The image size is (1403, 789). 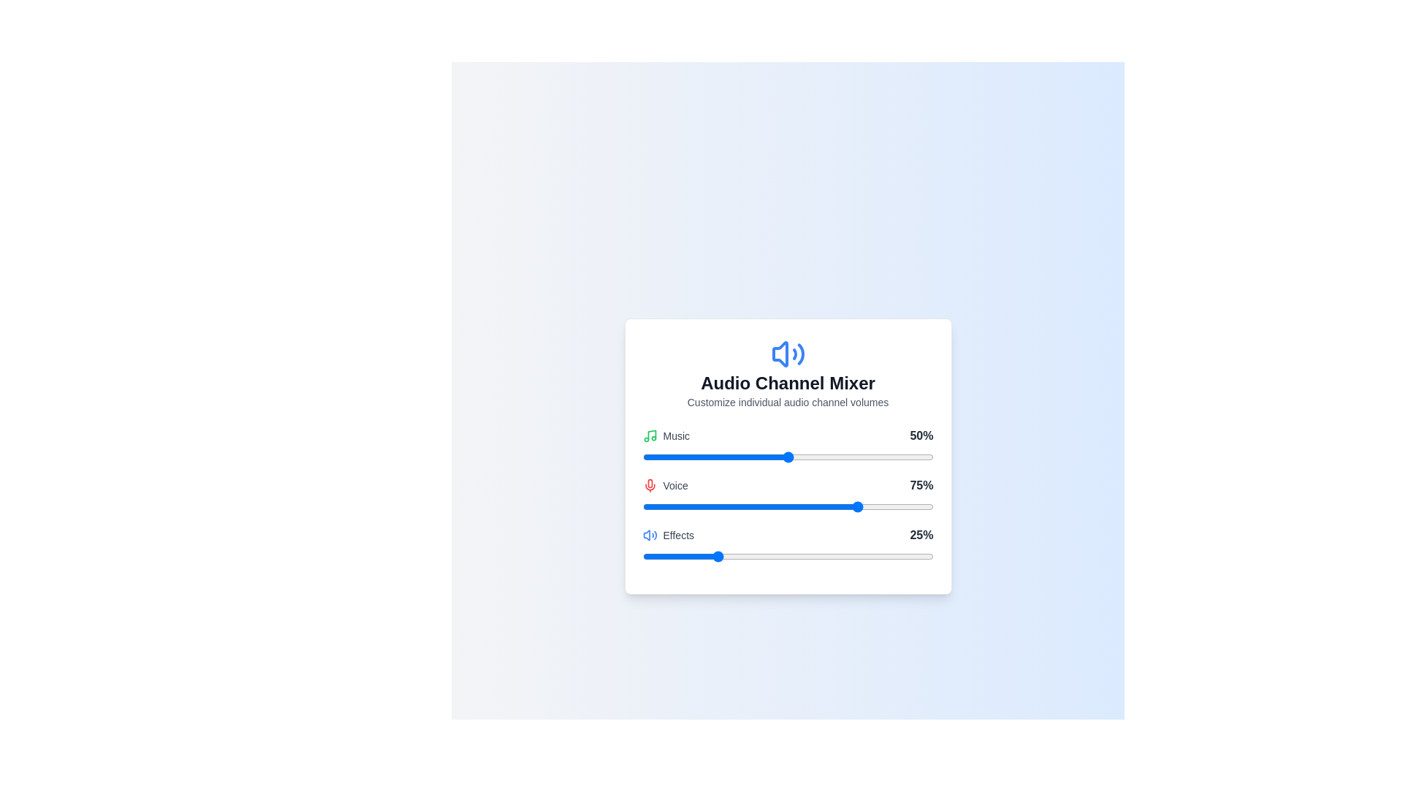 What do you see at coordinates (787, 354) in the screenshot?
I see `the decorative audio icon that signifies the context of audio or sound settings, located at the top-center of the card above the 'Audio Channel Mixer' heading` at bounding box center [787, 354].